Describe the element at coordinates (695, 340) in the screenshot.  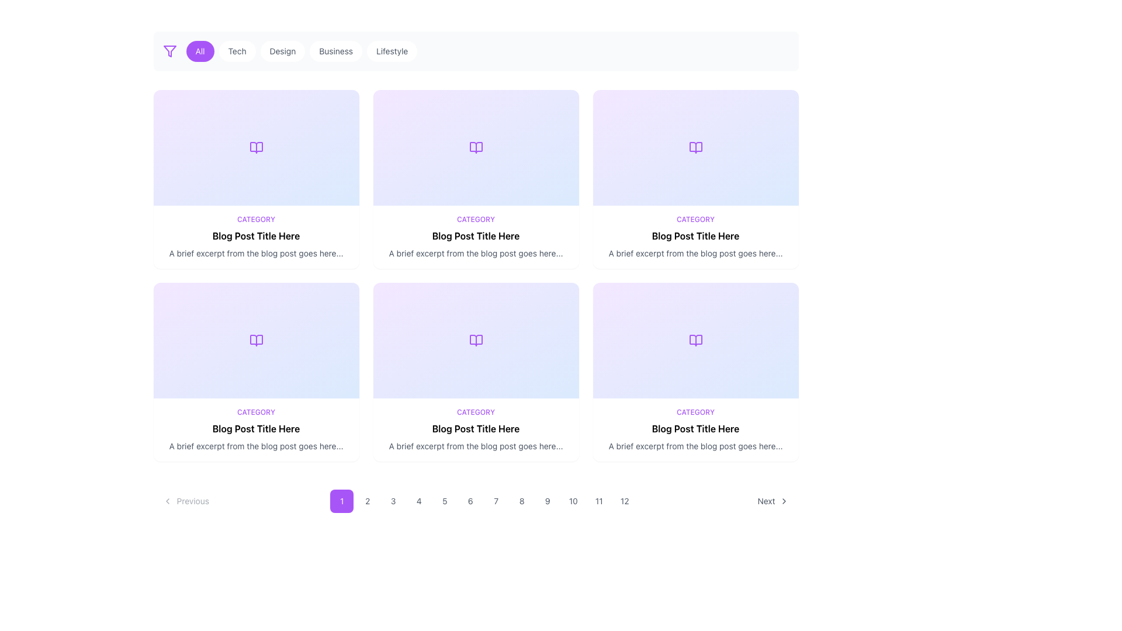
I see `the decorative icon representing a blog article located in the sixth card of a grid layout, specifically positioned on the second row and third column` at that location.